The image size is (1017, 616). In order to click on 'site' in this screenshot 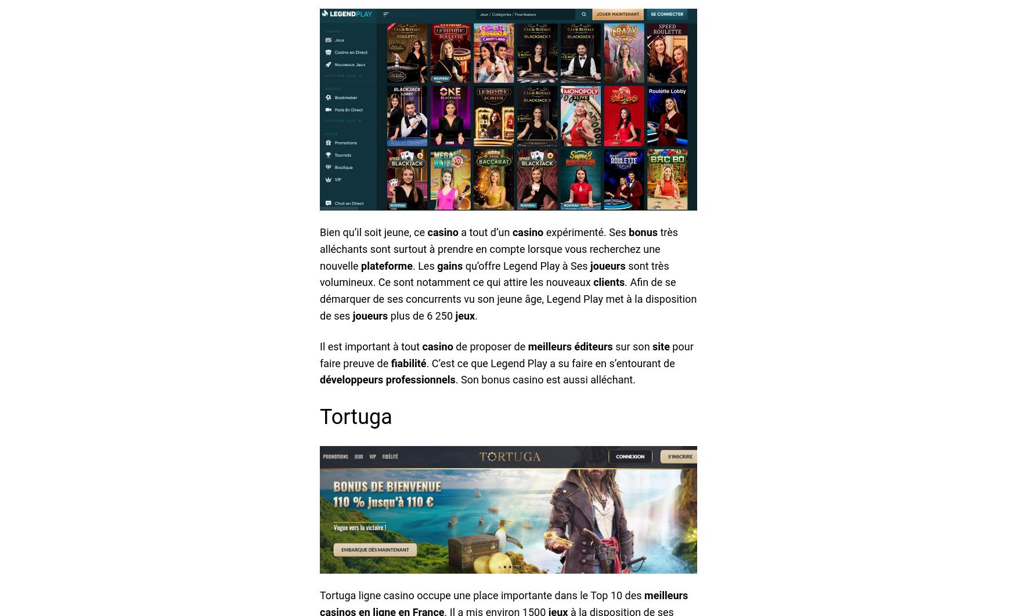, I will do `click(660, 346)`.